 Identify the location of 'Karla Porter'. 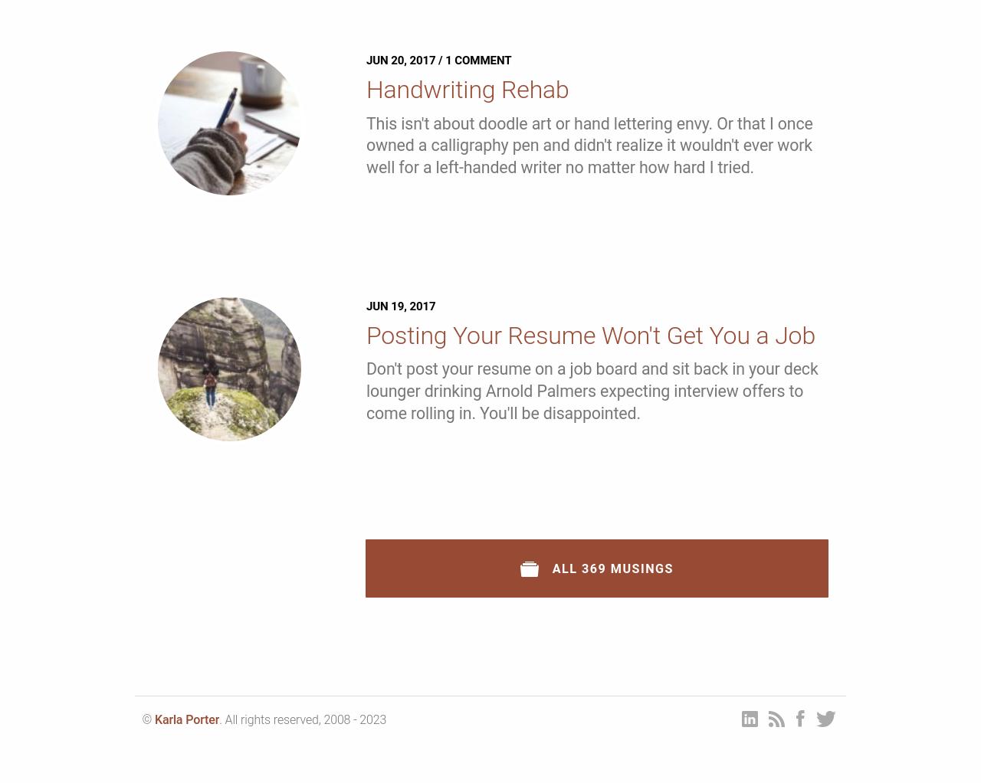
(185, 719).